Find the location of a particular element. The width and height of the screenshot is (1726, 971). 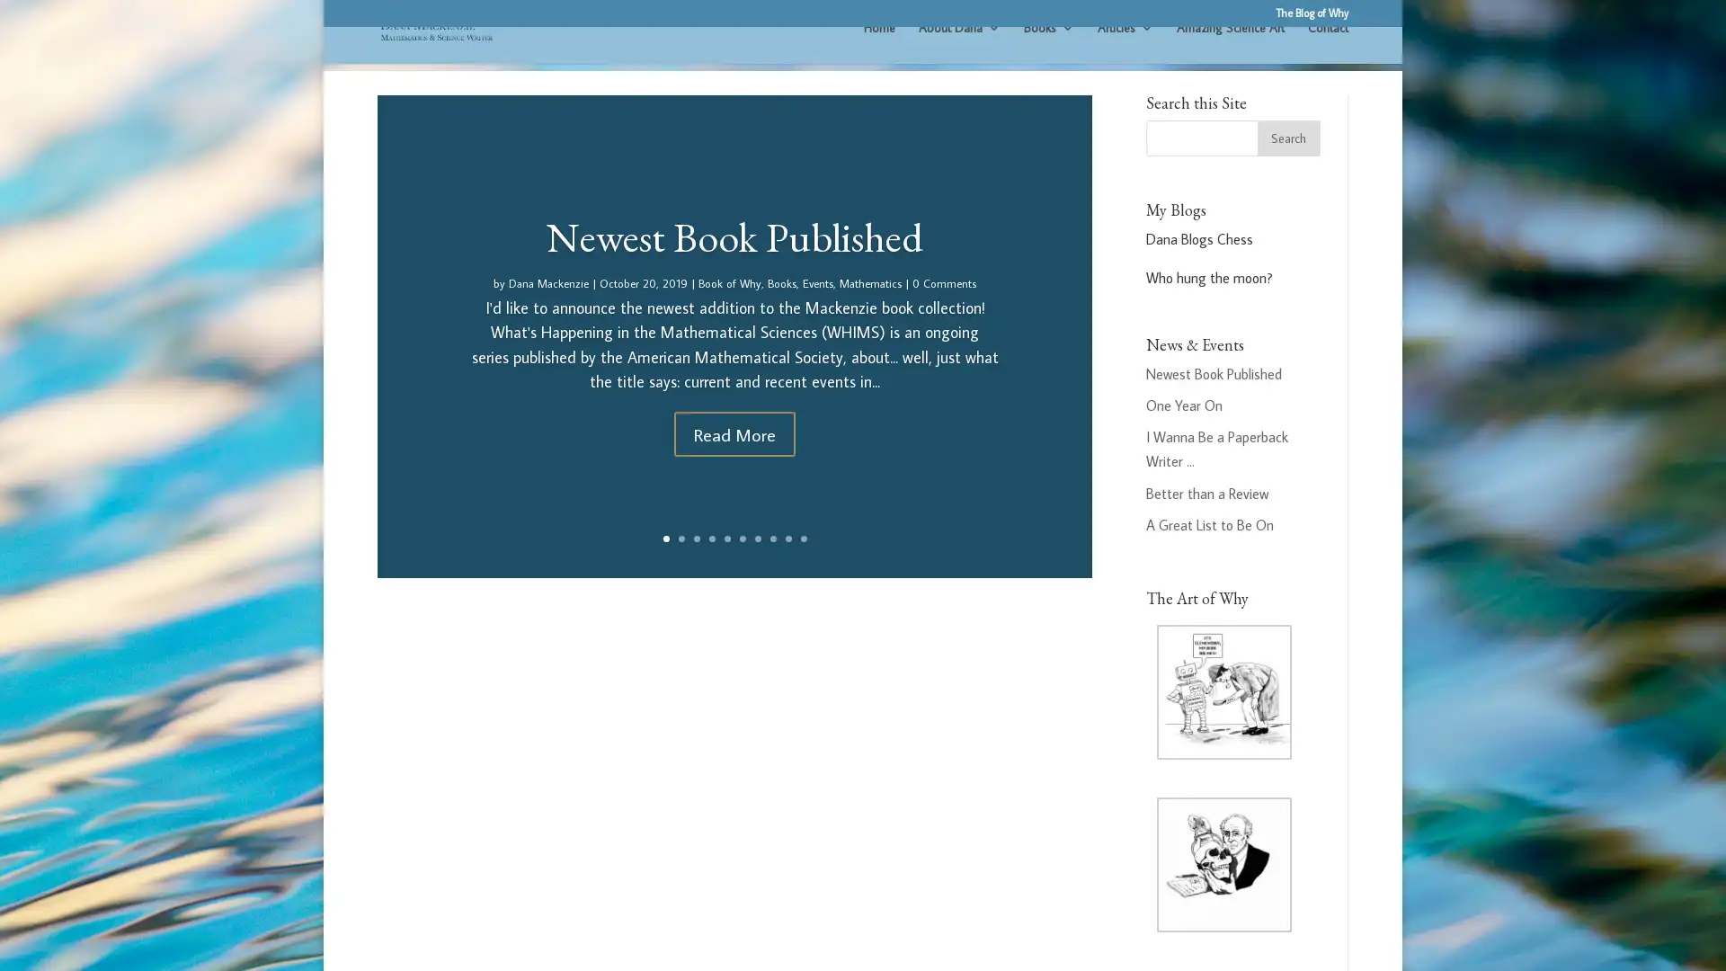

Search is located at coordinates (1287, 157).